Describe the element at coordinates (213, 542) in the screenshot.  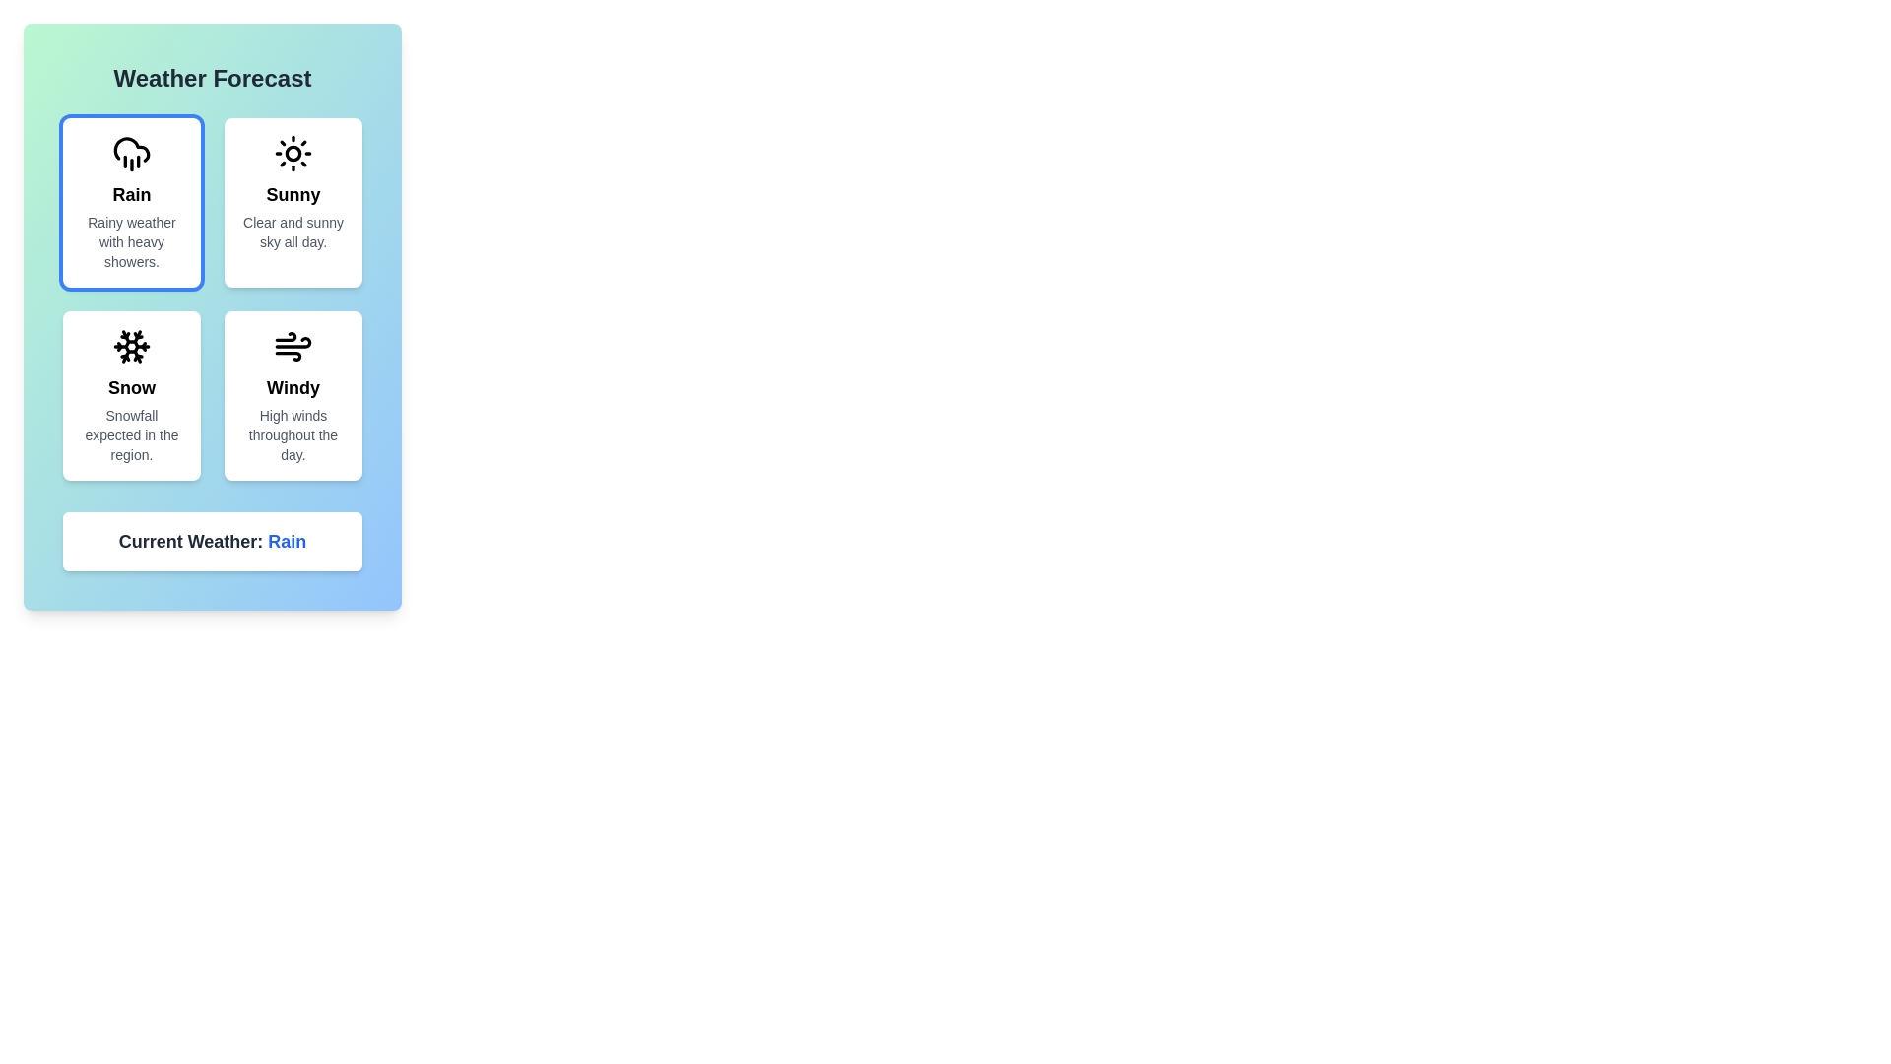
I see `the text label indicating the current weather condition, which displays 'Current Weather: Rain' in a bold and large font, located at the bottom of a rounded, shadowed, white card` at that location.